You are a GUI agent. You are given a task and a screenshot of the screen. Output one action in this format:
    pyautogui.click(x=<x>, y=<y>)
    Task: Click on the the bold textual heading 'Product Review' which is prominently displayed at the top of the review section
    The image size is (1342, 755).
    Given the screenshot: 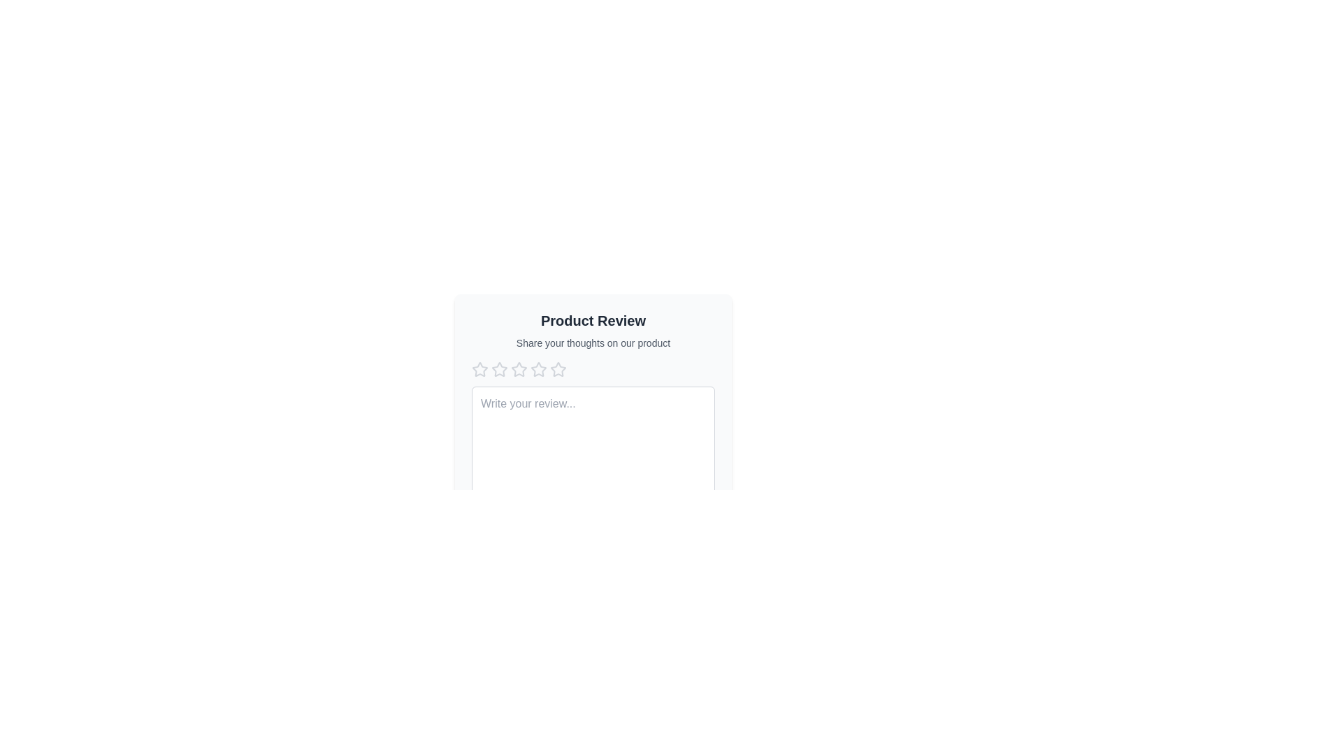 What is the action you would take?
    pyautogui.click(x=593, y=321)
    